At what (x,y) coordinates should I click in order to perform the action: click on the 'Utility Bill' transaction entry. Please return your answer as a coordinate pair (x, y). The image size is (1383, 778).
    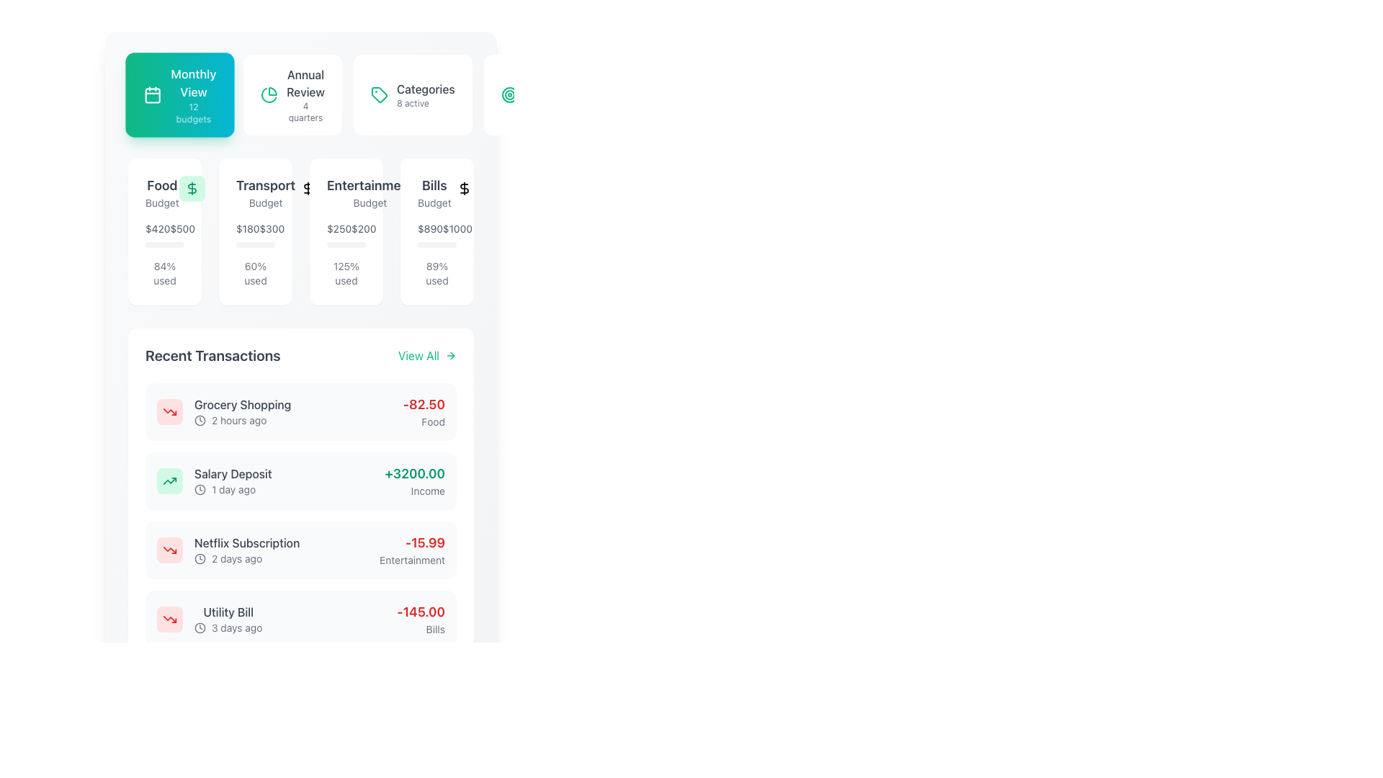
    Looking at the image, I should click on (209, 619).